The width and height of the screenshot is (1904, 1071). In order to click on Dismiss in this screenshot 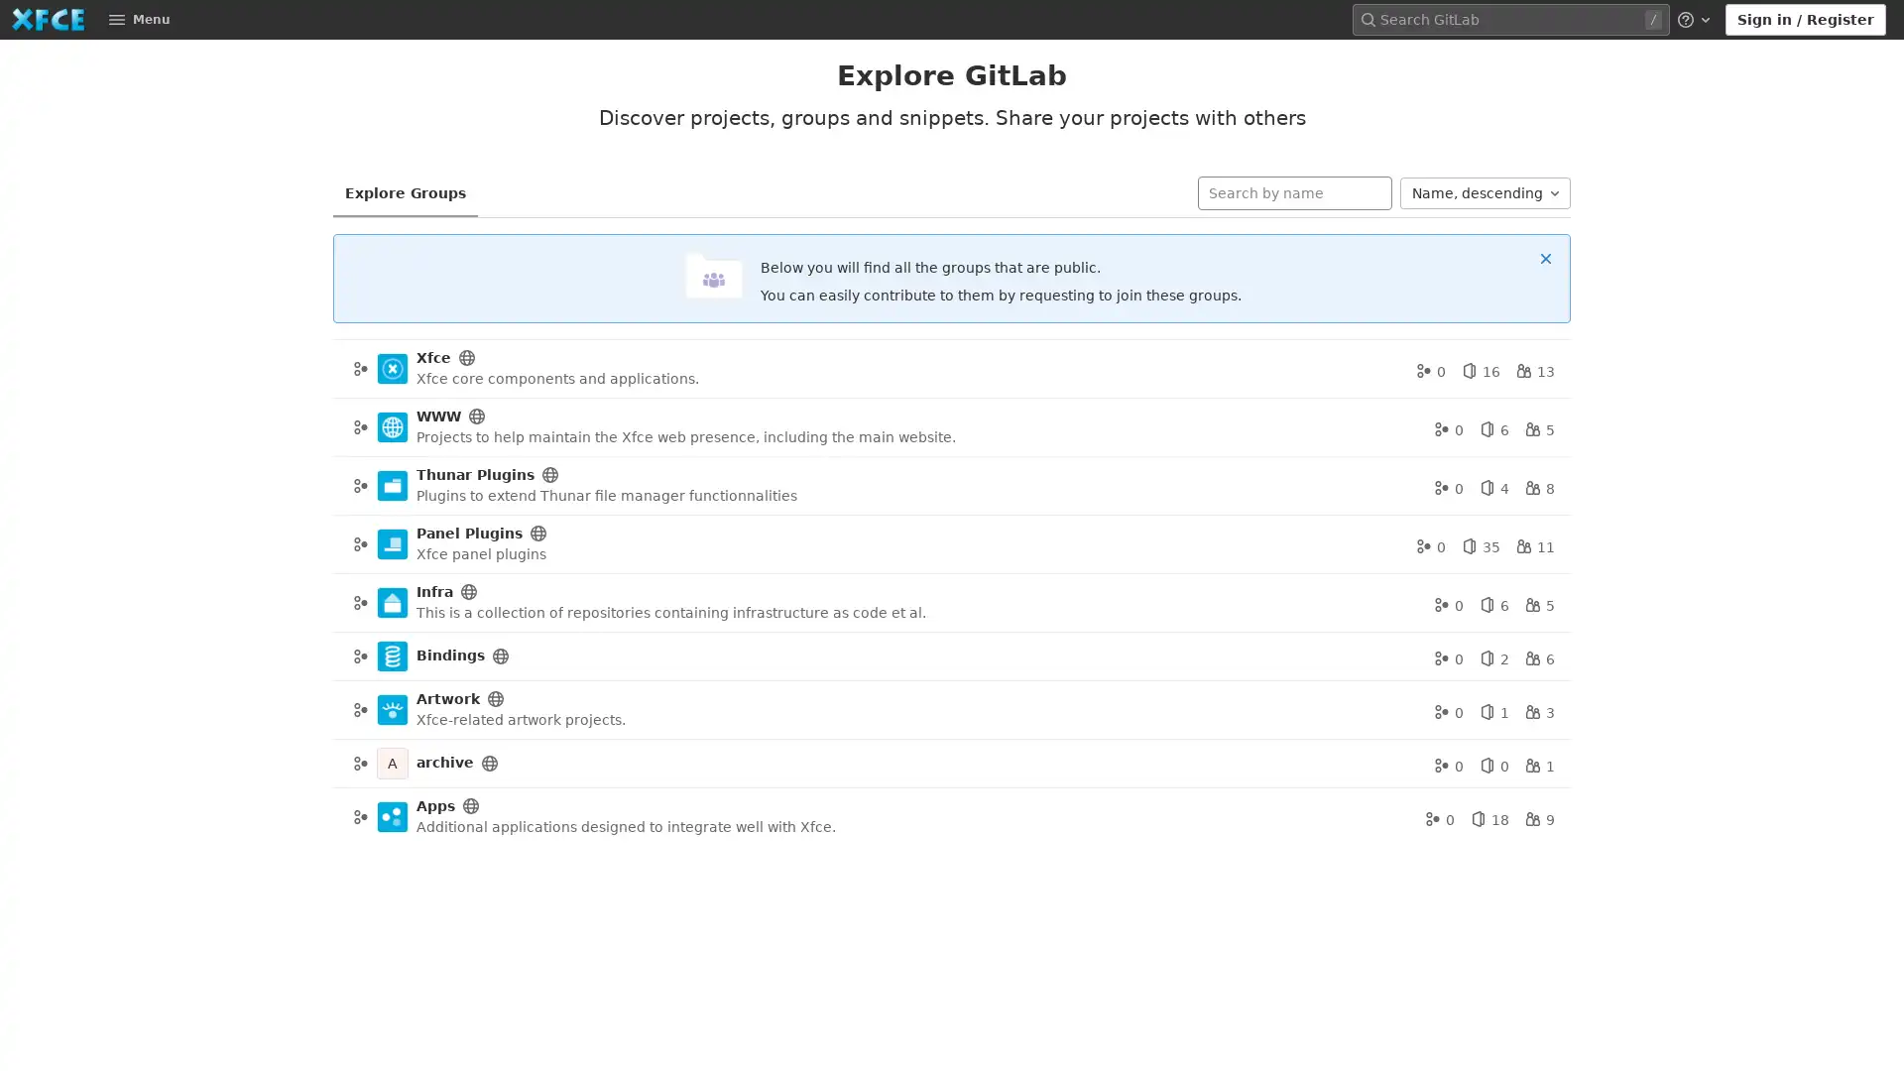, I will do `click(1545, 256)`.